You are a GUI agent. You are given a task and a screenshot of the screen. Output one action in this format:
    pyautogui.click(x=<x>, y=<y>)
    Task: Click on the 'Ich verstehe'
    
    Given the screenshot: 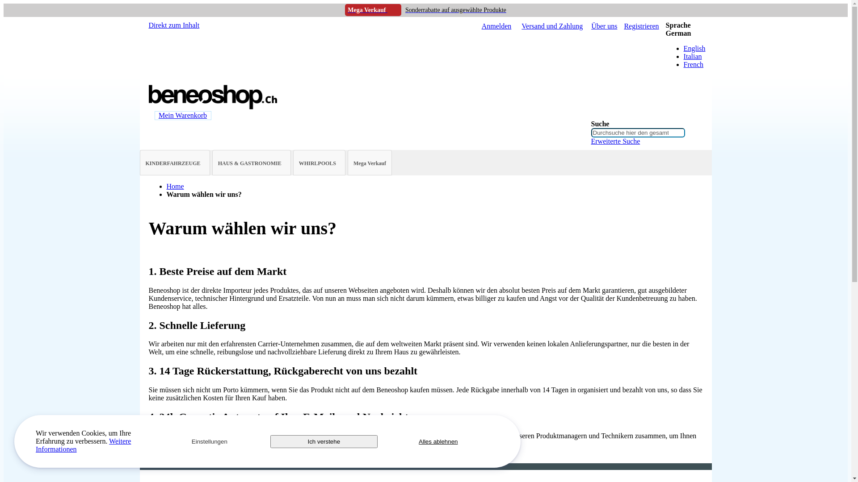 What is the action you would take?
    pyautogui.click(x=323, y=440)
    